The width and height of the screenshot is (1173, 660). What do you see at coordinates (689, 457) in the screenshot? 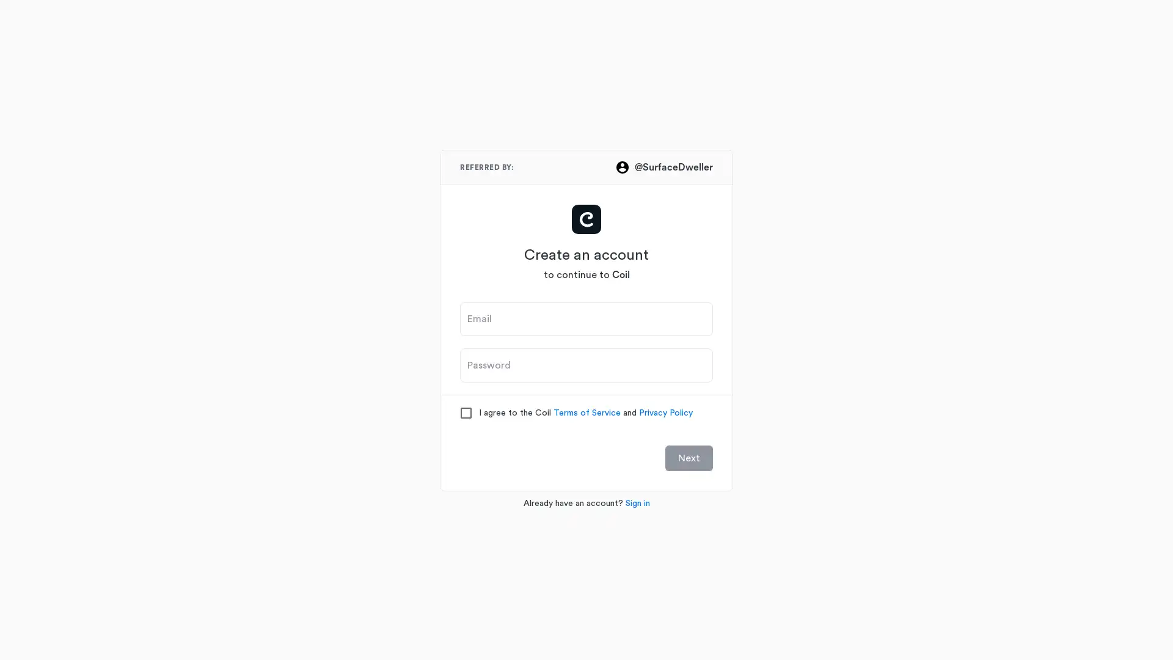
I see `Next` at bounding box center [689, 457].